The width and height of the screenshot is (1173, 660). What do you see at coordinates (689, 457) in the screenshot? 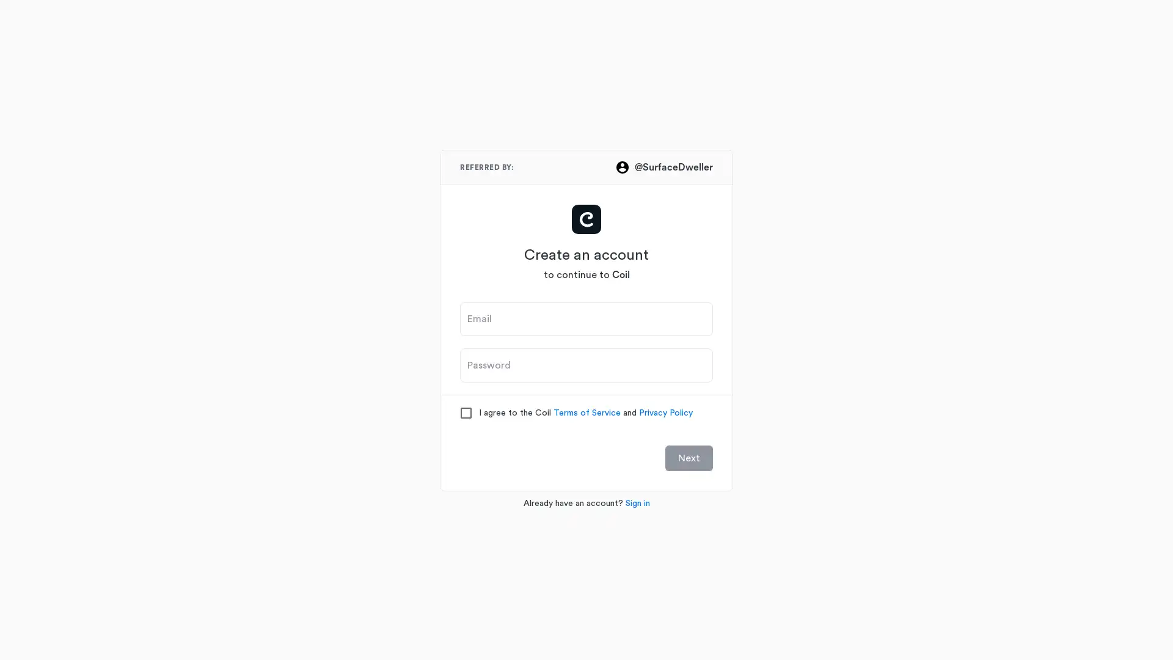
I see `Next` at bounding box center [689, 457].